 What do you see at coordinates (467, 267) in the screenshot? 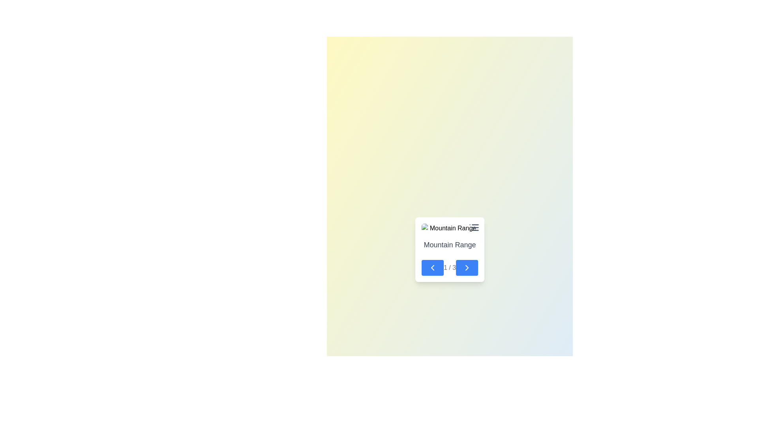
I see `the navigation button located in the bottom right corner of the control section to proceed to the next item in the sequence` at bounding box center [467, 267].